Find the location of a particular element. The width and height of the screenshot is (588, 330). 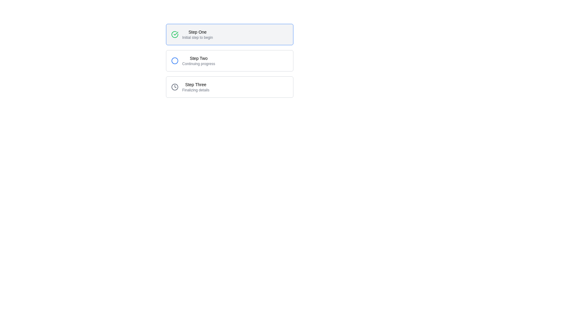

the circular green checkmark icon located to the left of the 'Step One' text in the step list interface is located at coordinates (175, 34).